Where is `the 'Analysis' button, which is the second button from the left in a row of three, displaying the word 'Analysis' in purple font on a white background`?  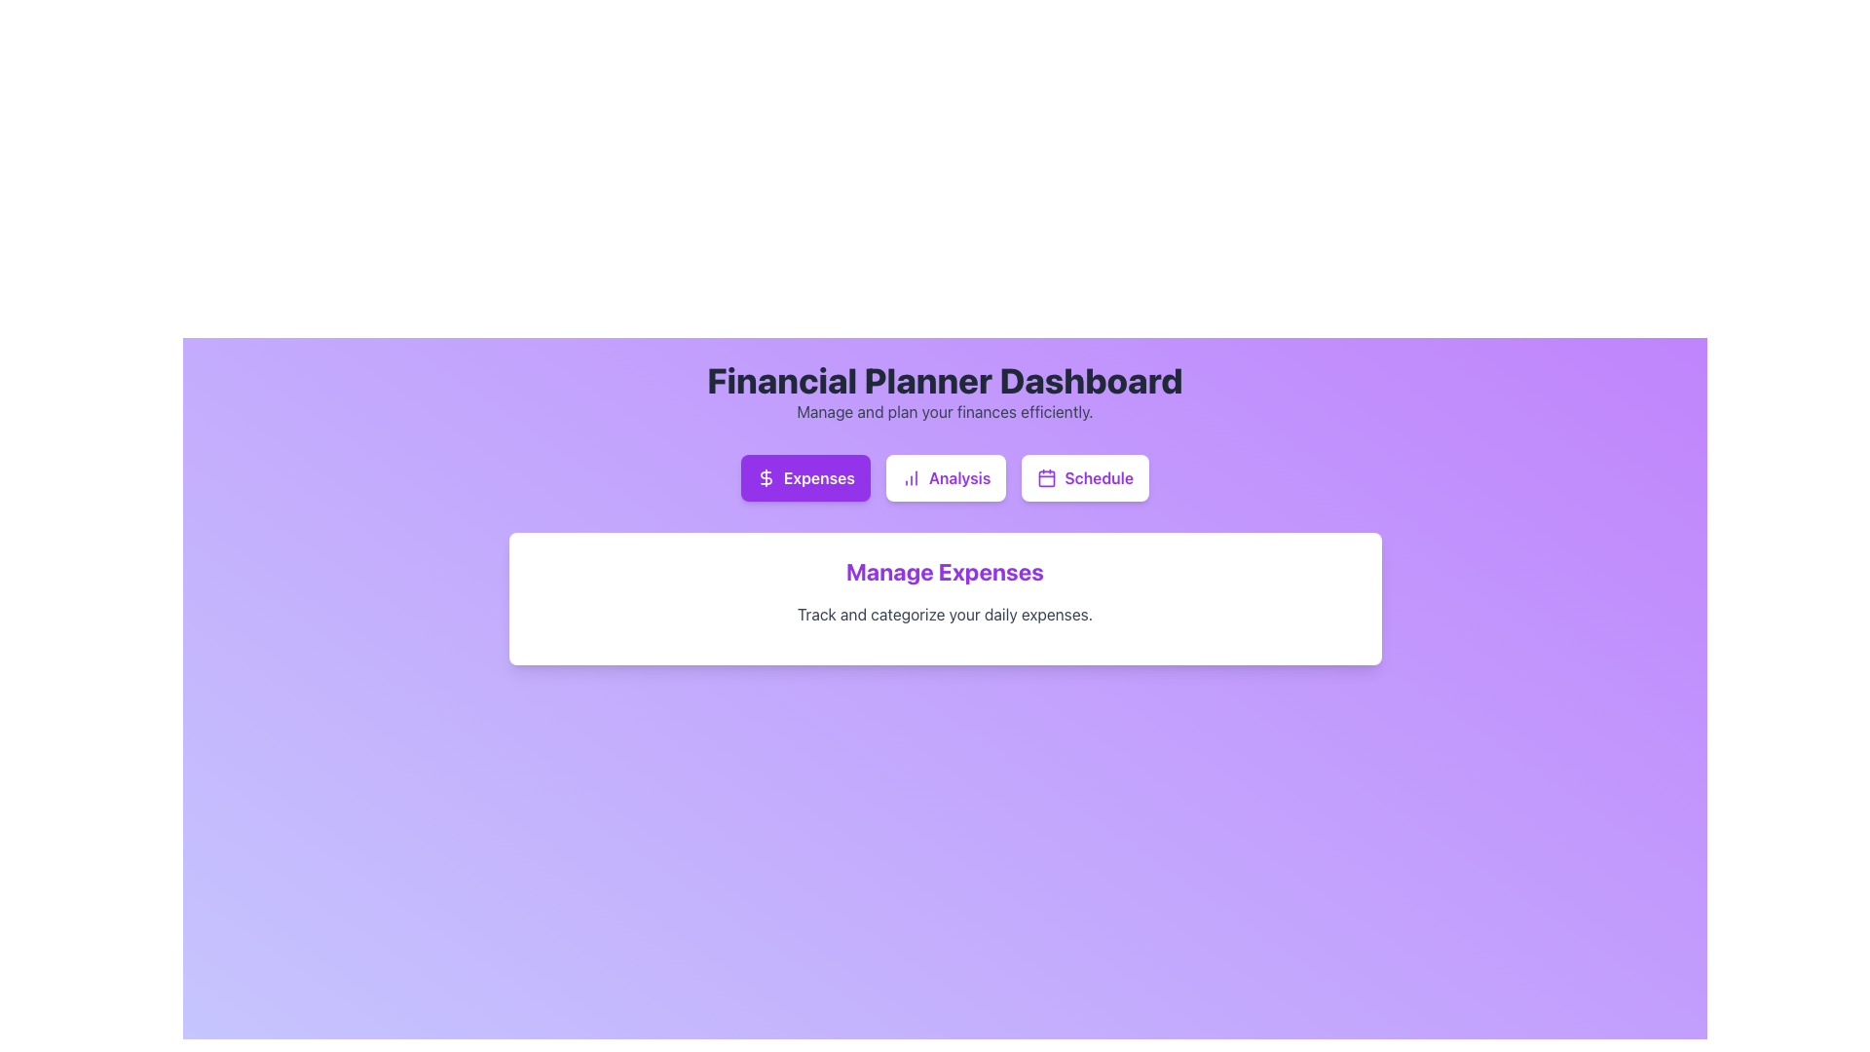 the 'Analysis' button, which is the second button from the left in a row of three, displaying the word 'Analysis' in purple font on a white background is located at coordinates (959, 477).